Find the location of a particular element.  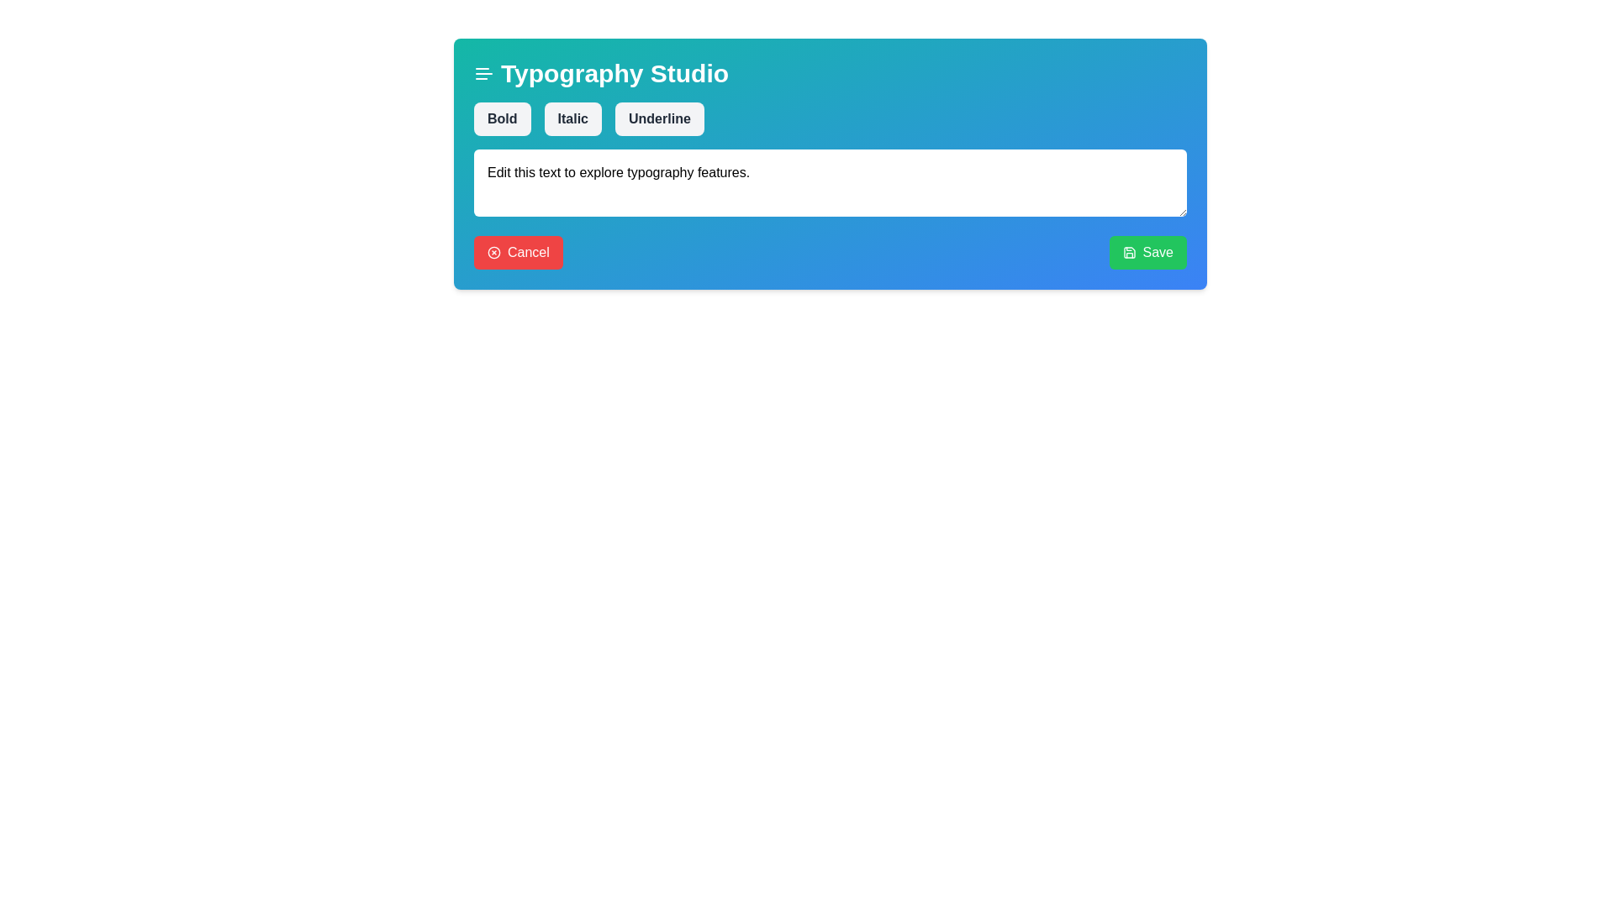

the 'Italic' button, which is the second button in a horizontal row of three buttons beneath the 'Typography Studio' header is located at coordinates (572, 118).